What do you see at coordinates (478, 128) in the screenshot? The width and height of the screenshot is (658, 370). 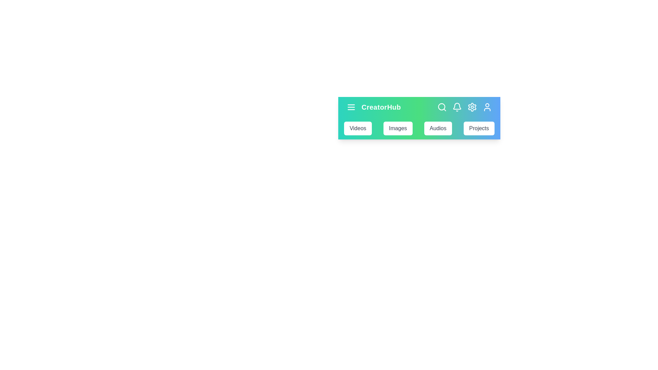 I see `the Projects navigation bar item to navigate to its section` at bounding box center [478, 128].